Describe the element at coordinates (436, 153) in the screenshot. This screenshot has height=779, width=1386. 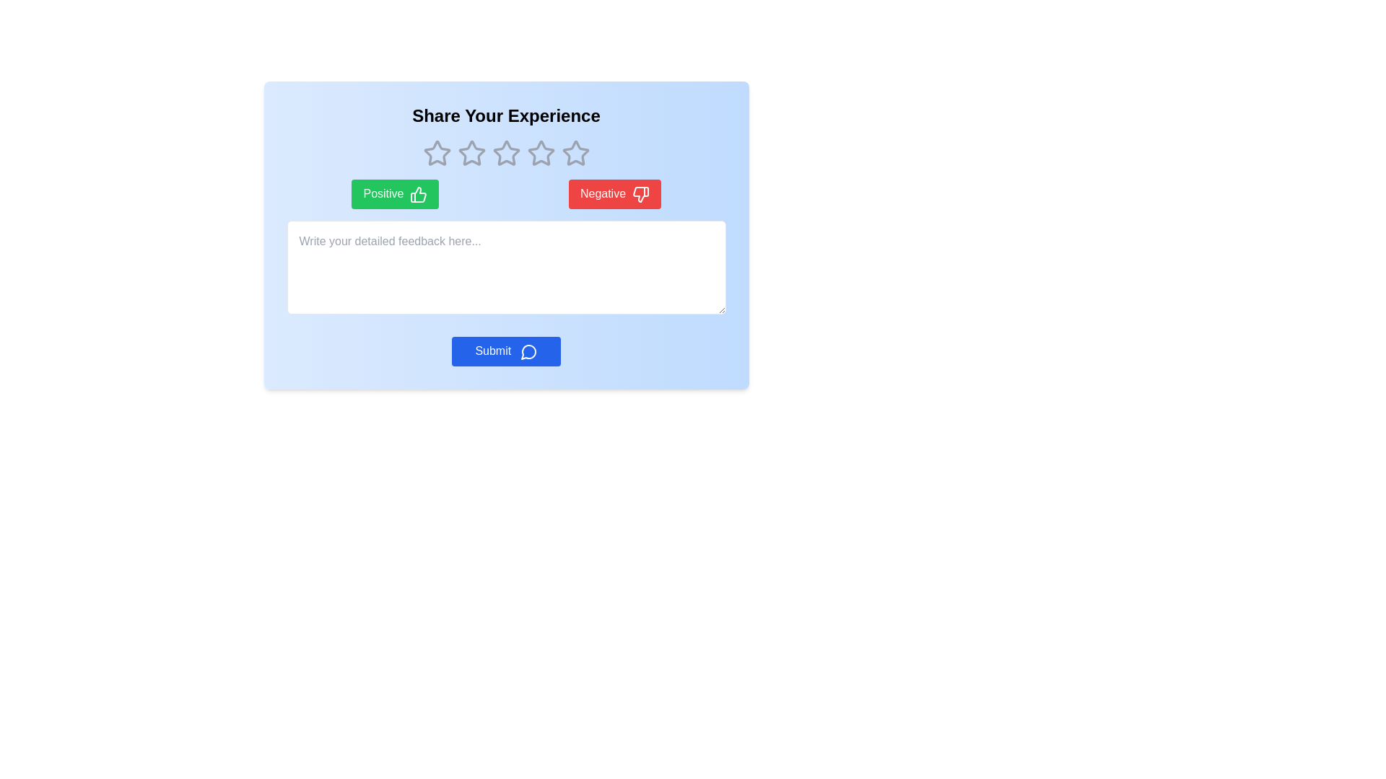
I see `the first Rating Star Icon, which is a hollow star with a gray outline located below the text 'Share Your Experience'` at that location.